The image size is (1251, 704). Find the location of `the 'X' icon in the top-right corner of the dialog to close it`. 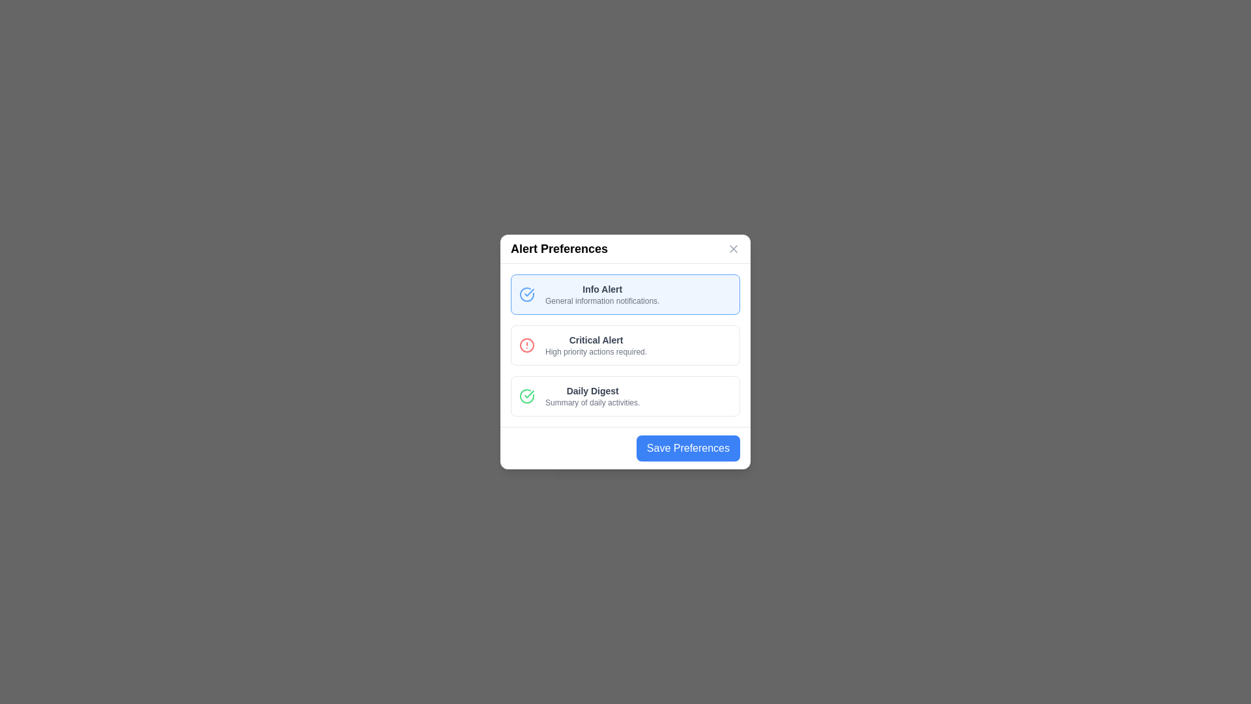

the 'X' icon in the top-right corner of the dialog to close it is located at coordinates (734, 248).